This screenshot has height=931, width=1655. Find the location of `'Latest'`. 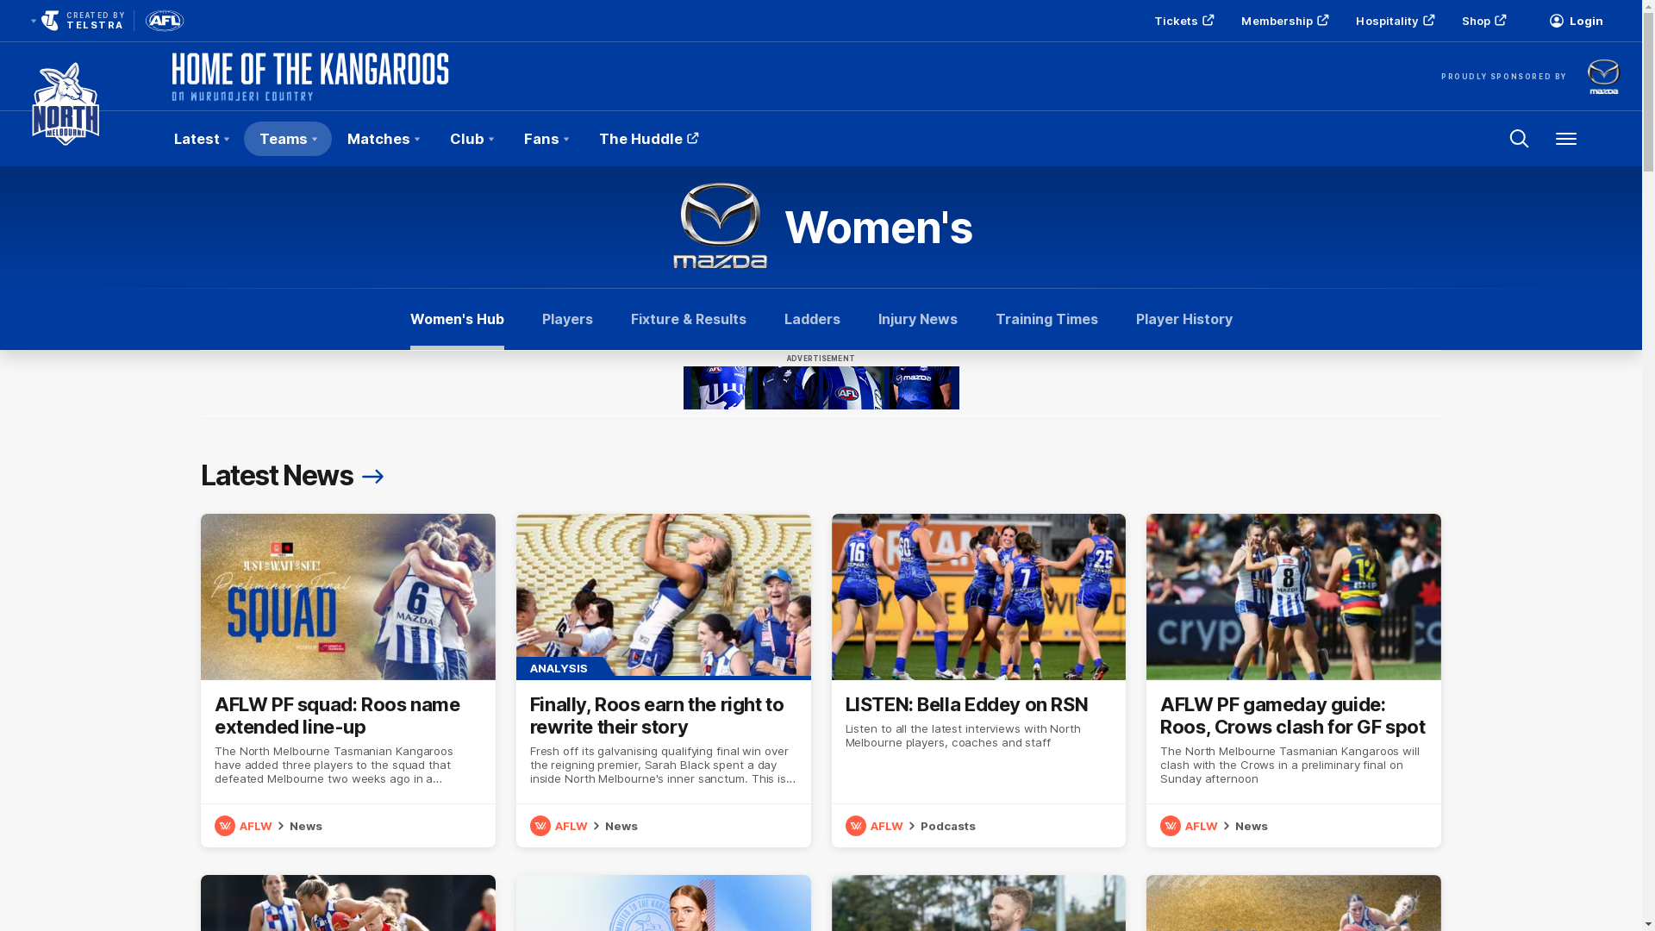

'Latest' is located at coordinates (201, 138).